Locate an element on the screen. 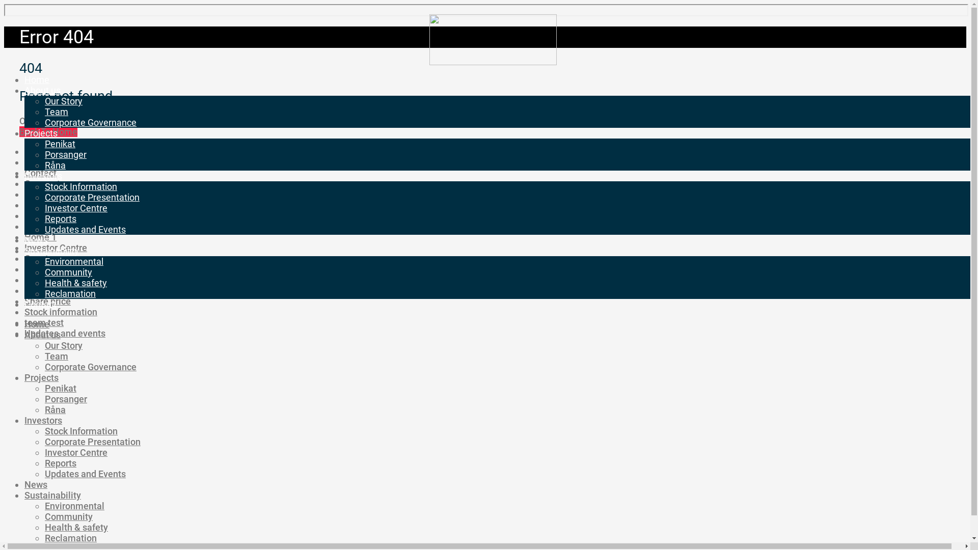 The image size is (978, 550). 'Projects' is located at coordinates (41, 132).